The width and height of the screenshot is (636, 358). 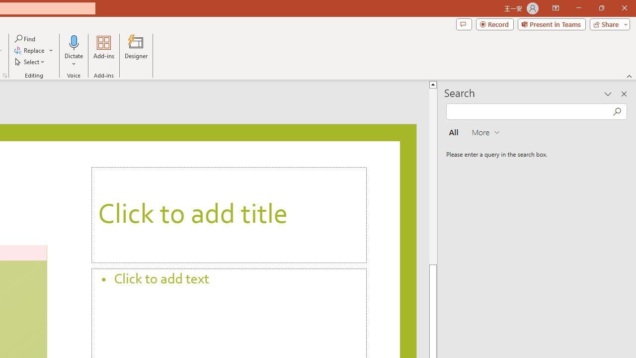 What do you see at coordinates (25, 38) in the screenshot?
I see `'Find...'` at bounding box center [25, 38].